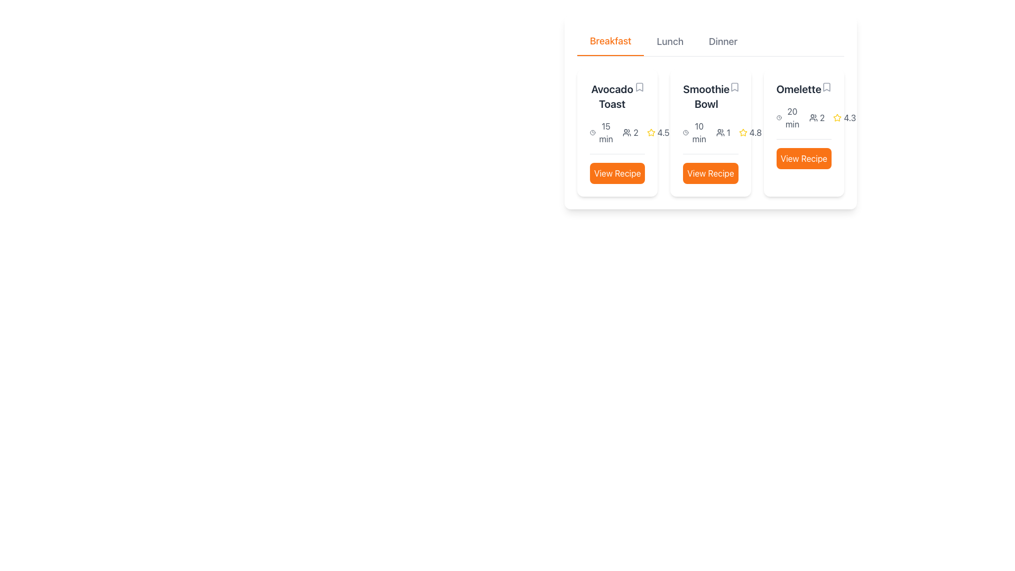  Describe the element at coordinates (695, 132) in the screenshot. I see `the estimated preparation time text element for the recipe 'Smoothie Bowl', which is displayed in the middle column of the recipe details layout, positioned below the title and above the 'View Recipe' button` at that location.